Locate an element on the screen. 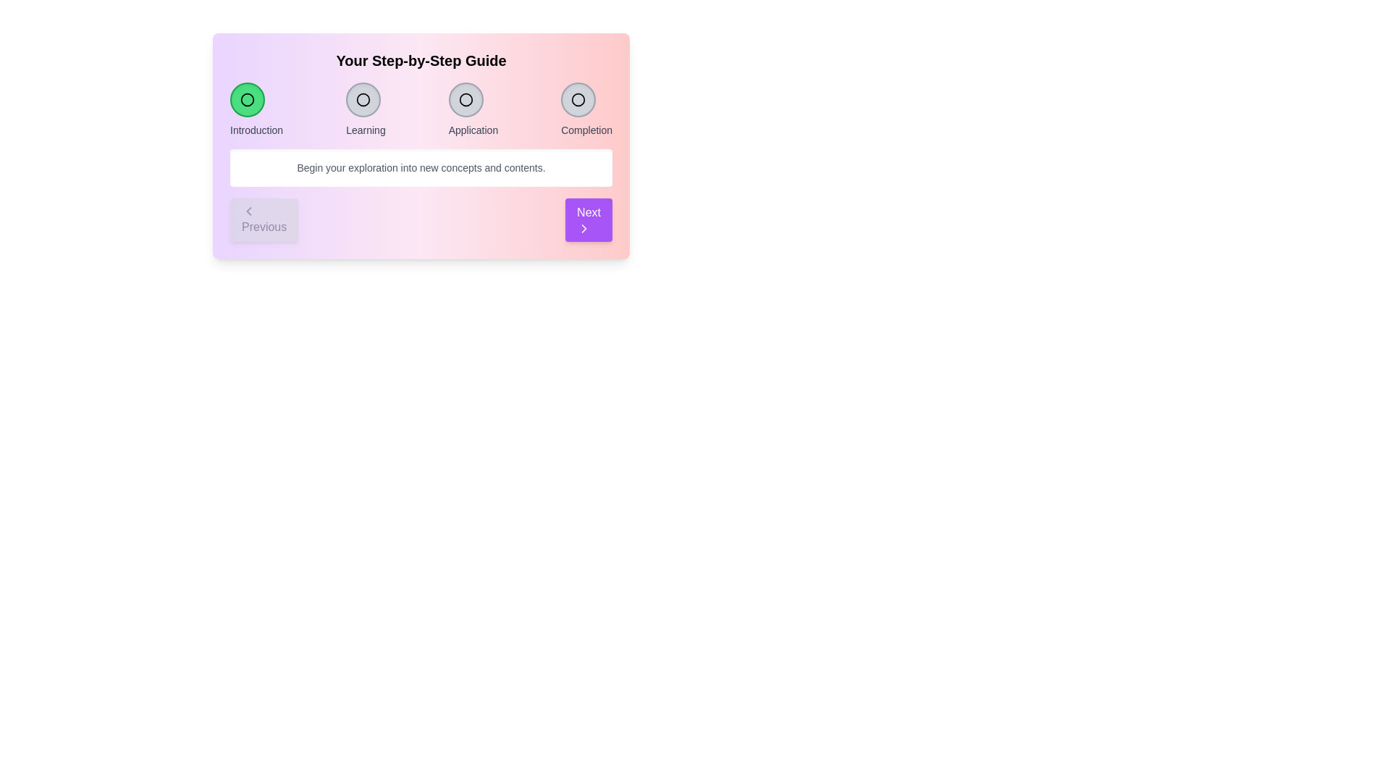 The image size is (1390, 782). the 'Learning' step indicator button, which is the second circular button in a horizontal sequence under the title 'Your Step-by-Step Guide.' is located at coordinates (363, 99).